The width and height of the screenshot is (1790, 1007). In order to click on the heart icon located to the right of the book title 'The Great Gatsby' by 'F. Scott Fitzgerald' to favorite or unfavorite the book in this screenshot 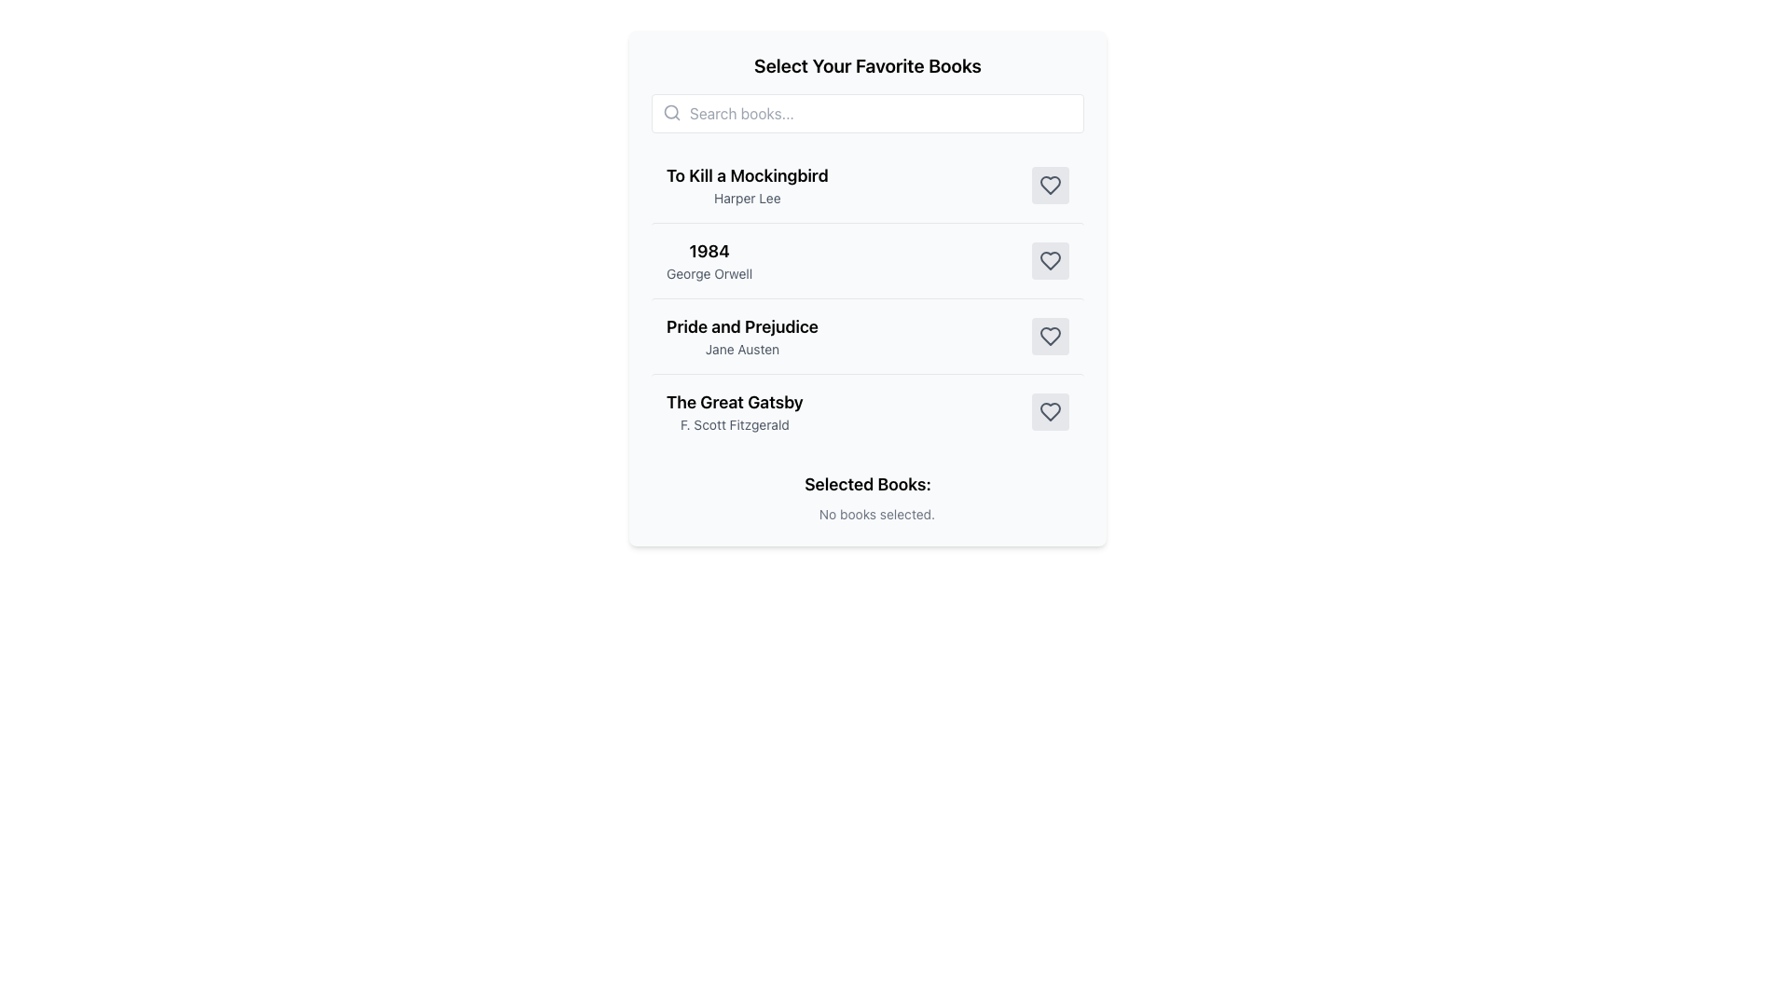, I will do `click(1051, 411)`.